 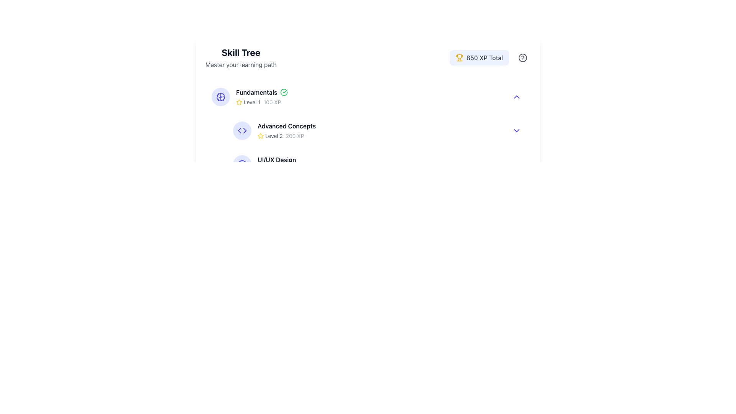 What do you see at coordinates (294, 135) in the screenshot?
I see `the text label indicating experience points (XP) for 'Advanced Concepts', located in the skill tree section` at bounding box center [294, 135].